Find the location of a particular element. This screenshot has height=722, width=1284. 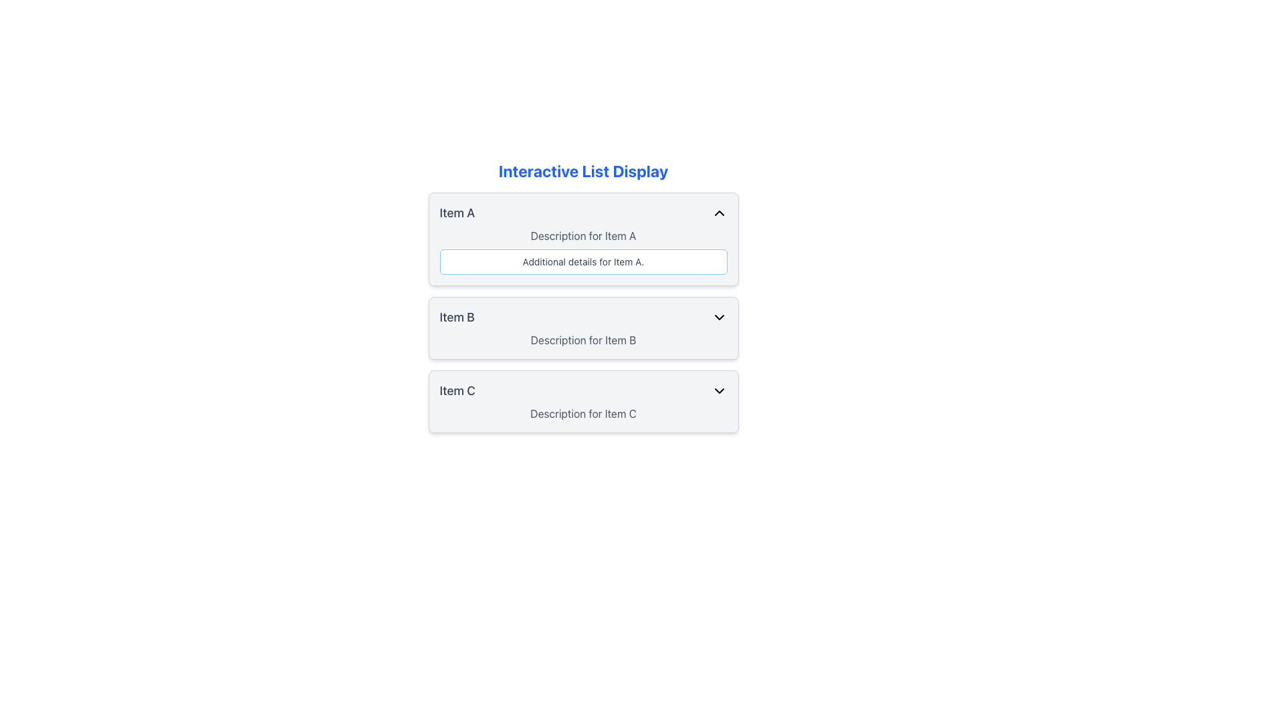

the static text label displaying 'Additional details for Item A.' which is located below the primary description for 'Item A' in the user interface is located at coordinates (583, 262).